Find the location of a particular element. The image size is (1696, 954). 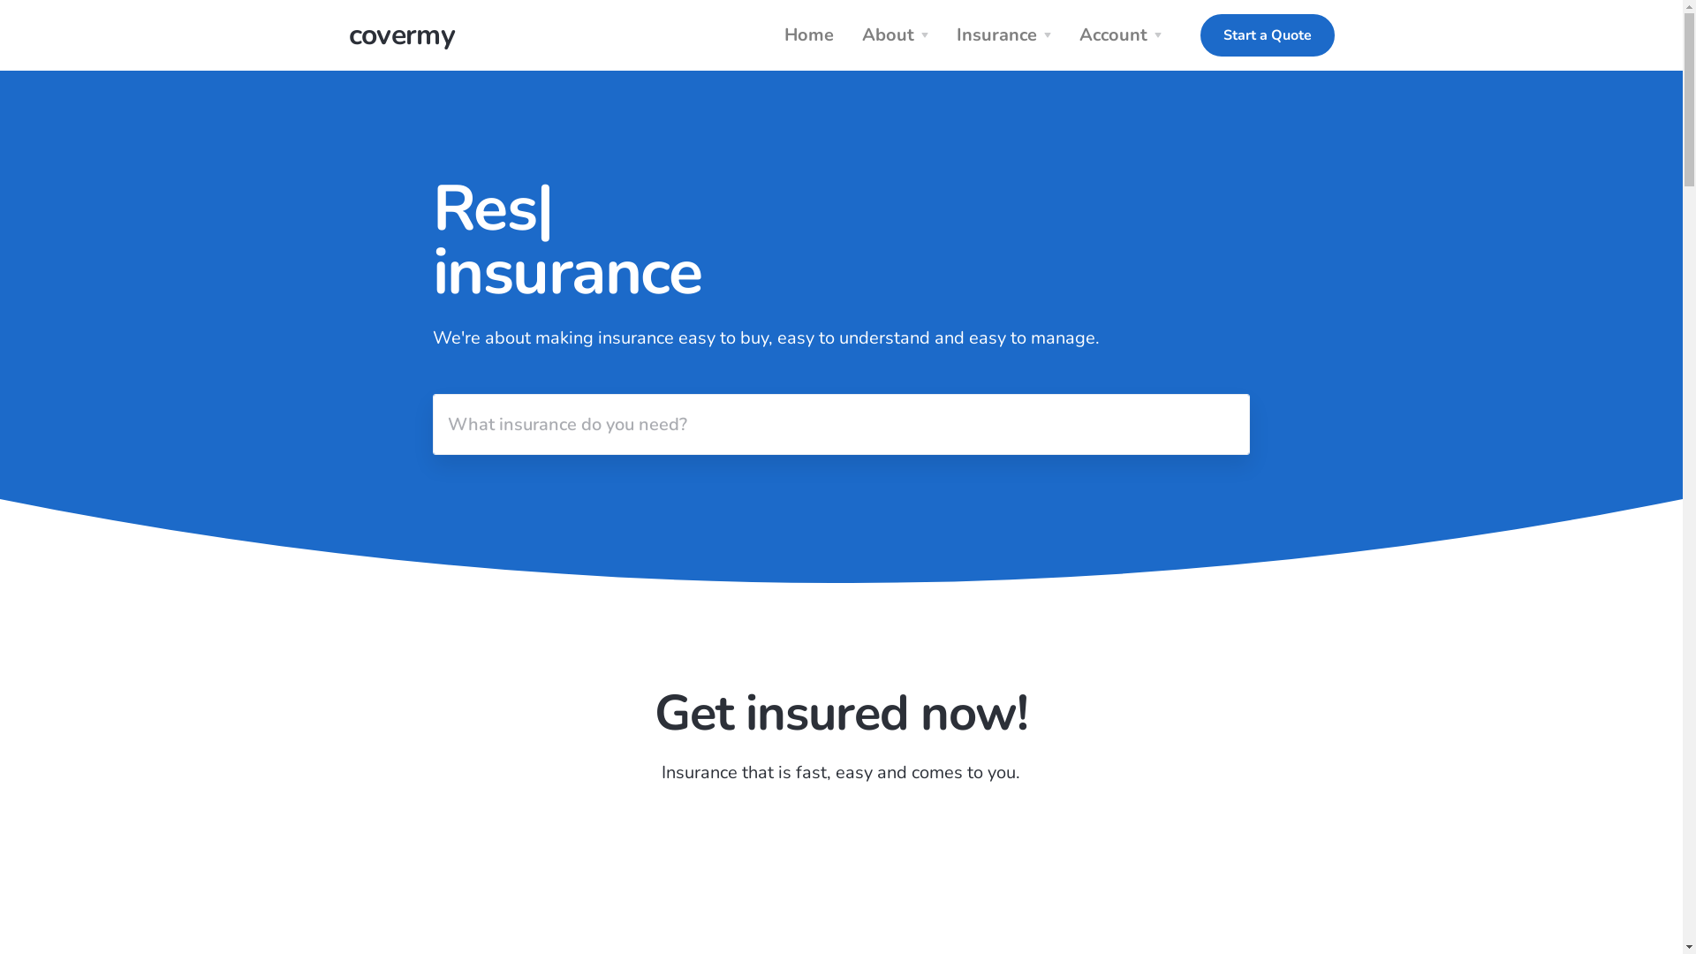

'Account' is located at coordinates (1123, 34).